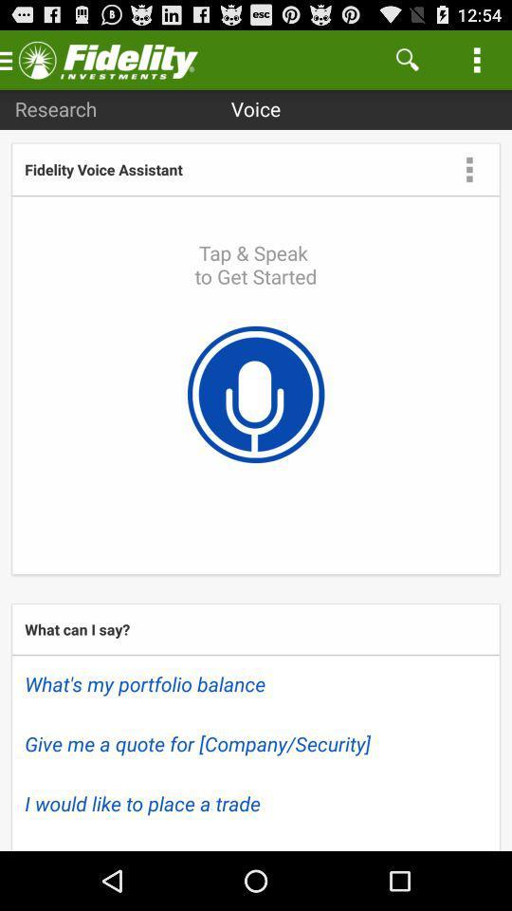  Describe the element at coordinates (468, 168) in the screenshot. I see `more options` at that location.